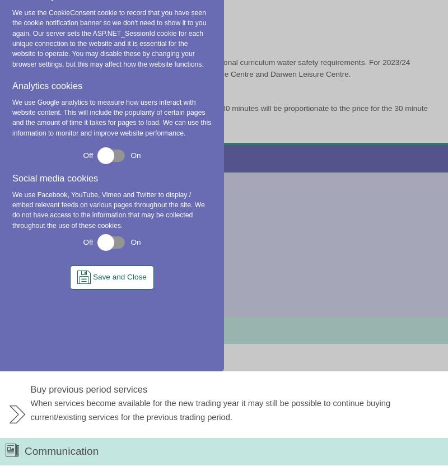  I want to click on 'Accessibility', so click(323, 161).